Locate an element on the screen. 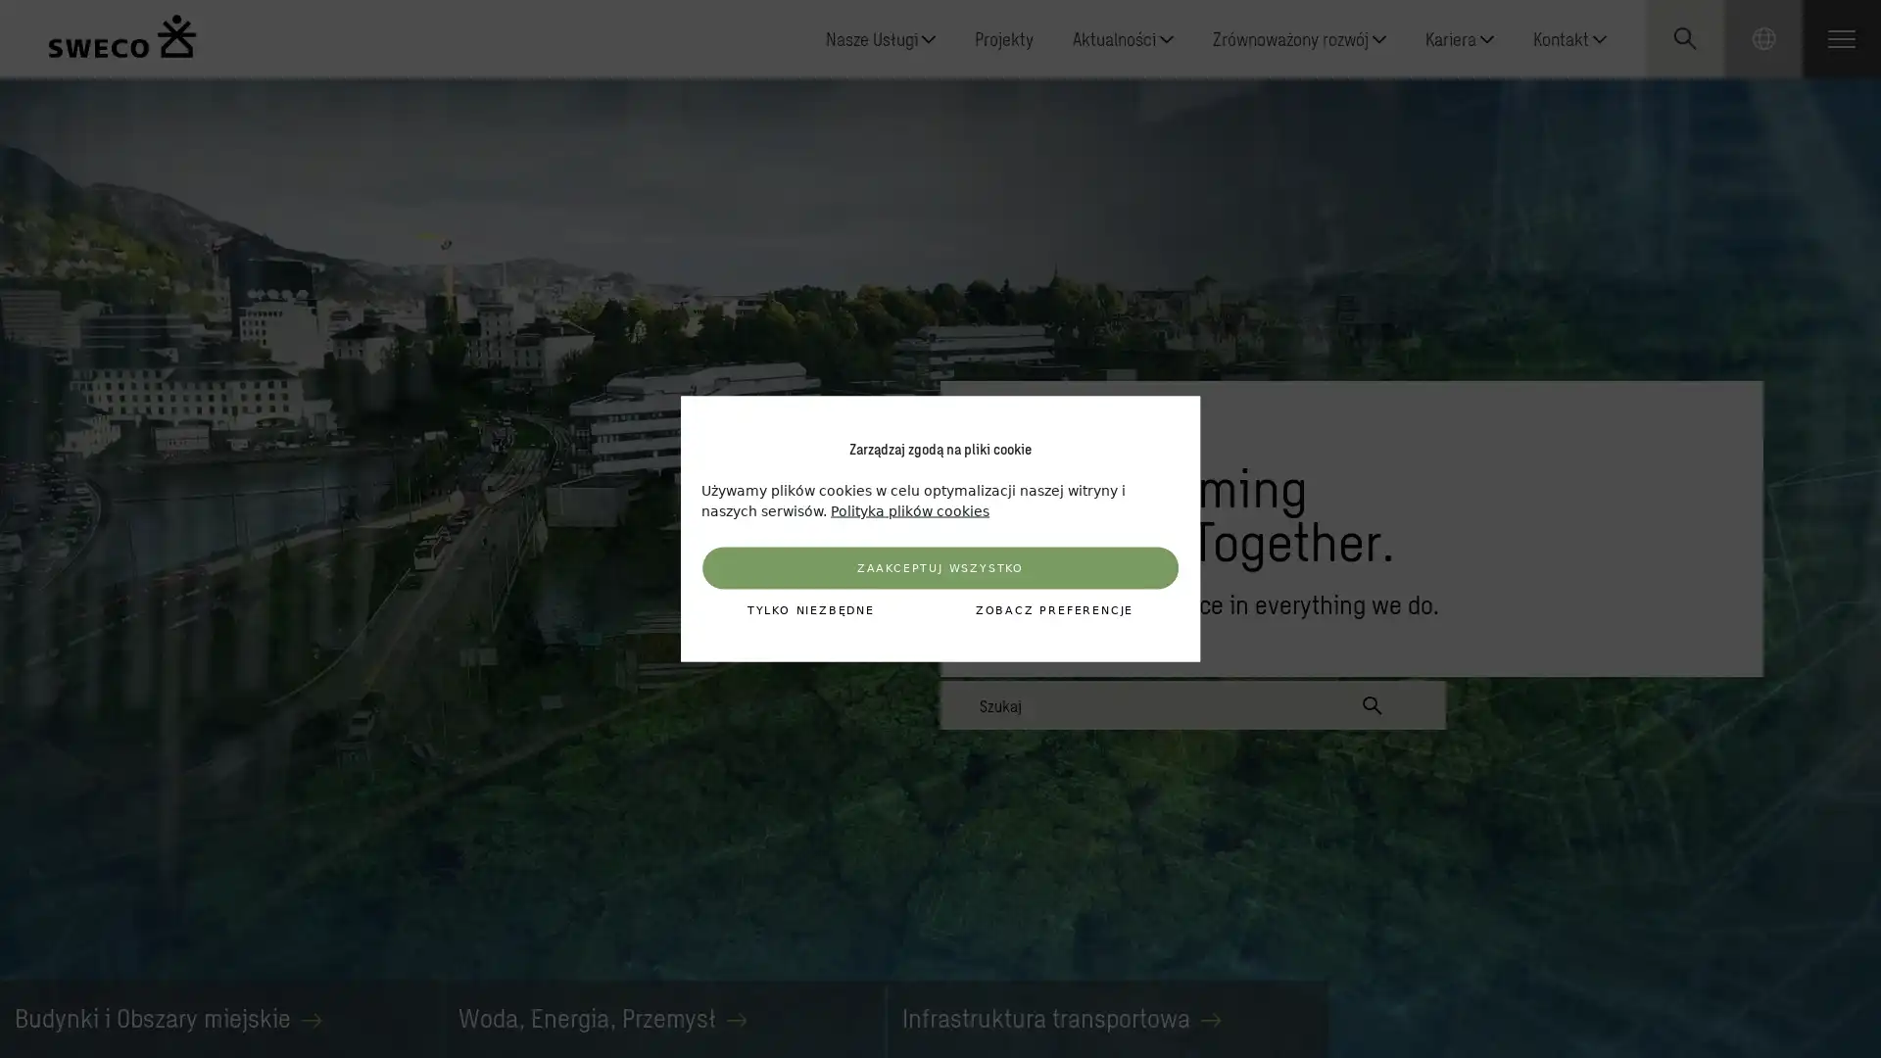  TYLKO NIEZBEDNE is located at coordinates (809, 609).